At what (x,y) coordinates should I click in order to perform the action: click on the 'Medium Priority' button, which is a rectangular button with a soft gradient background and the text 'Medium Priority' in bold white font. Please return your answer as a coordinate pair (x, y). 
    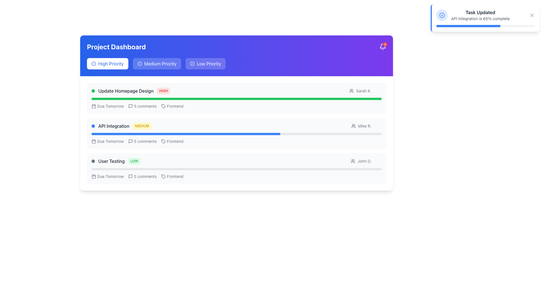
    Looking at the image, I should click on (157, 63).